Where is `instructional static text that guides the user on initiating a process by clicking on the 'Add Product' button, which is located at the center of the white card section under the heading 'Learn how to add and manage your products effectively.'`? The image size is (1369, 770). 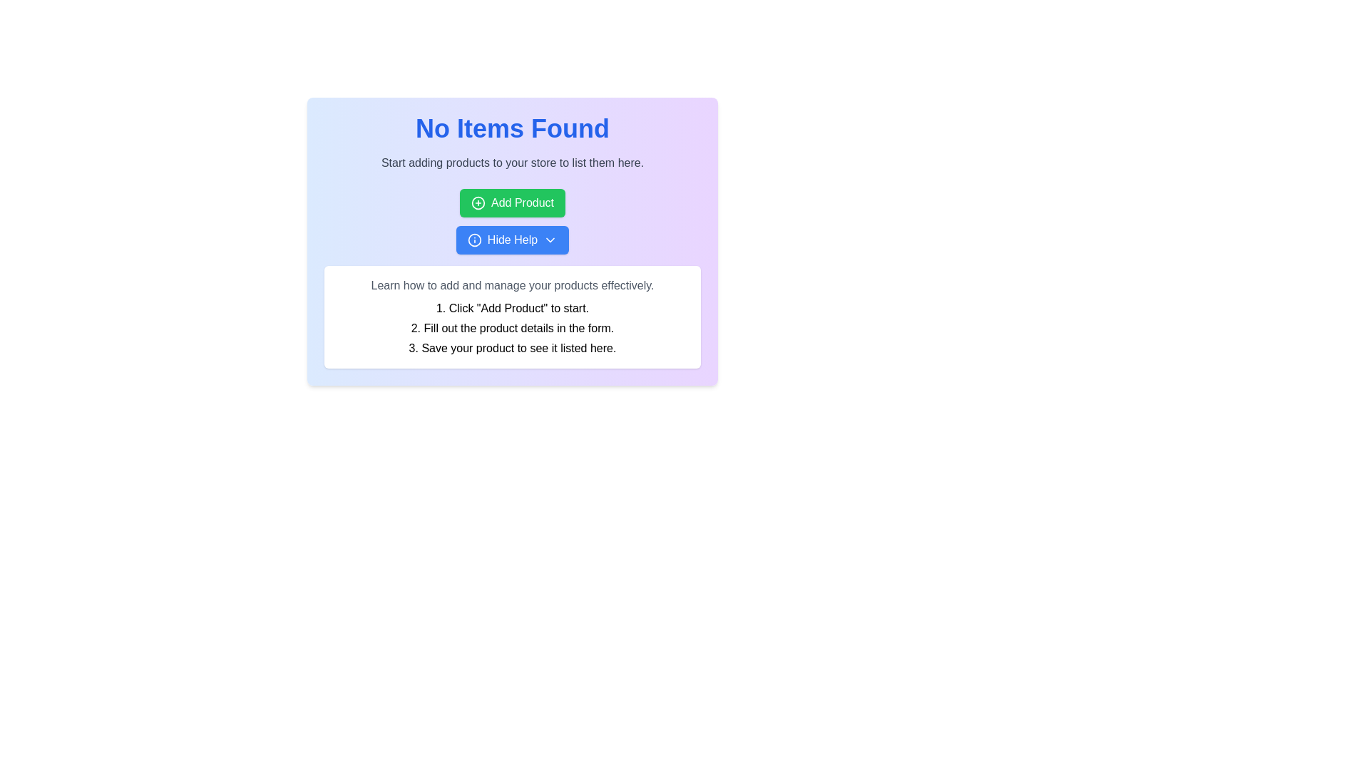
instructional static text that guides the user on initiating a process by clicking on the 'Add Product' button, which is located at the center of the white card section under the heading 'Learn how to add and manage your products effectively.' is located at coordinates (513, 307).